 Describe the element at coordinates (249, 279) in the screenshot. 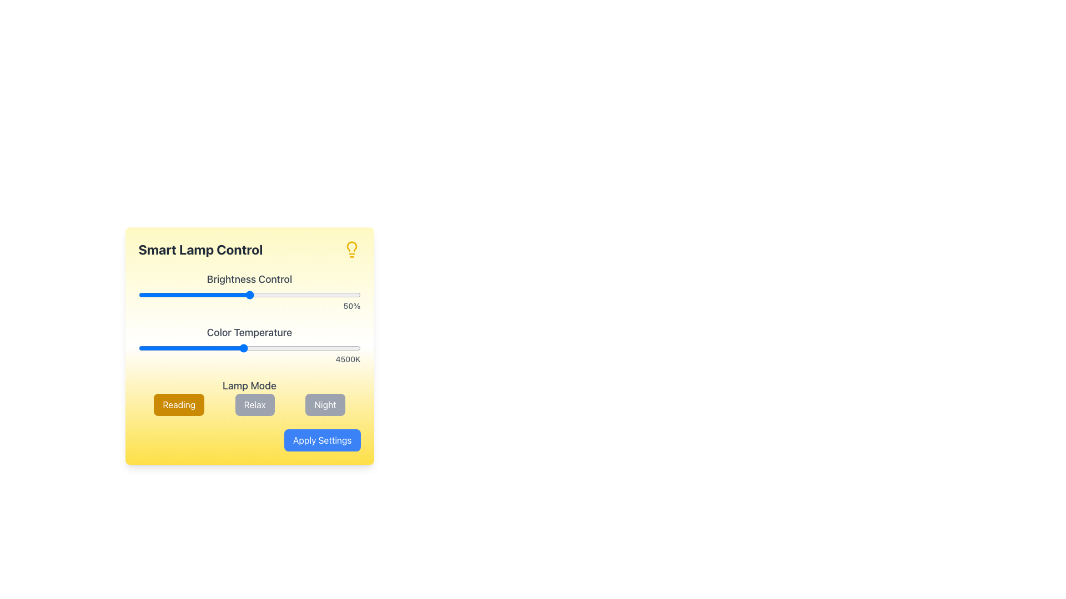

I see `the text label reading 'Brightness Control', which is styled in large gray text and is located above the slider component and percentage label '50%'` at that location.